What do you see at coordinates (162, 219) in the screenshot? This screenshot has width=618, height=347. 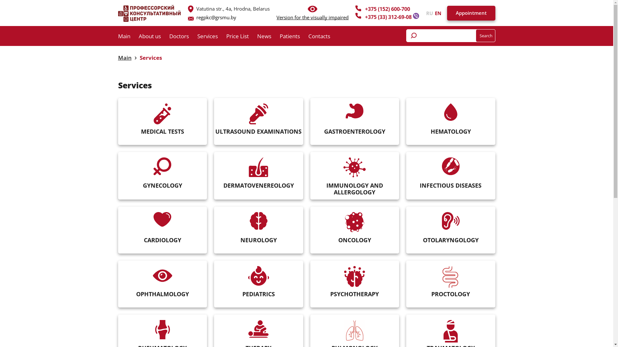 I see `'Cardiology'` at bounding box center [162, 219].